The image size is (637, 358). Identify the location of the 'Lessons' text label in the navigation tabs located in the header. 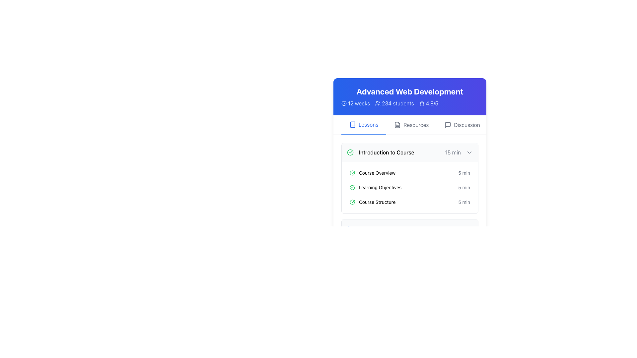
(368, 124).